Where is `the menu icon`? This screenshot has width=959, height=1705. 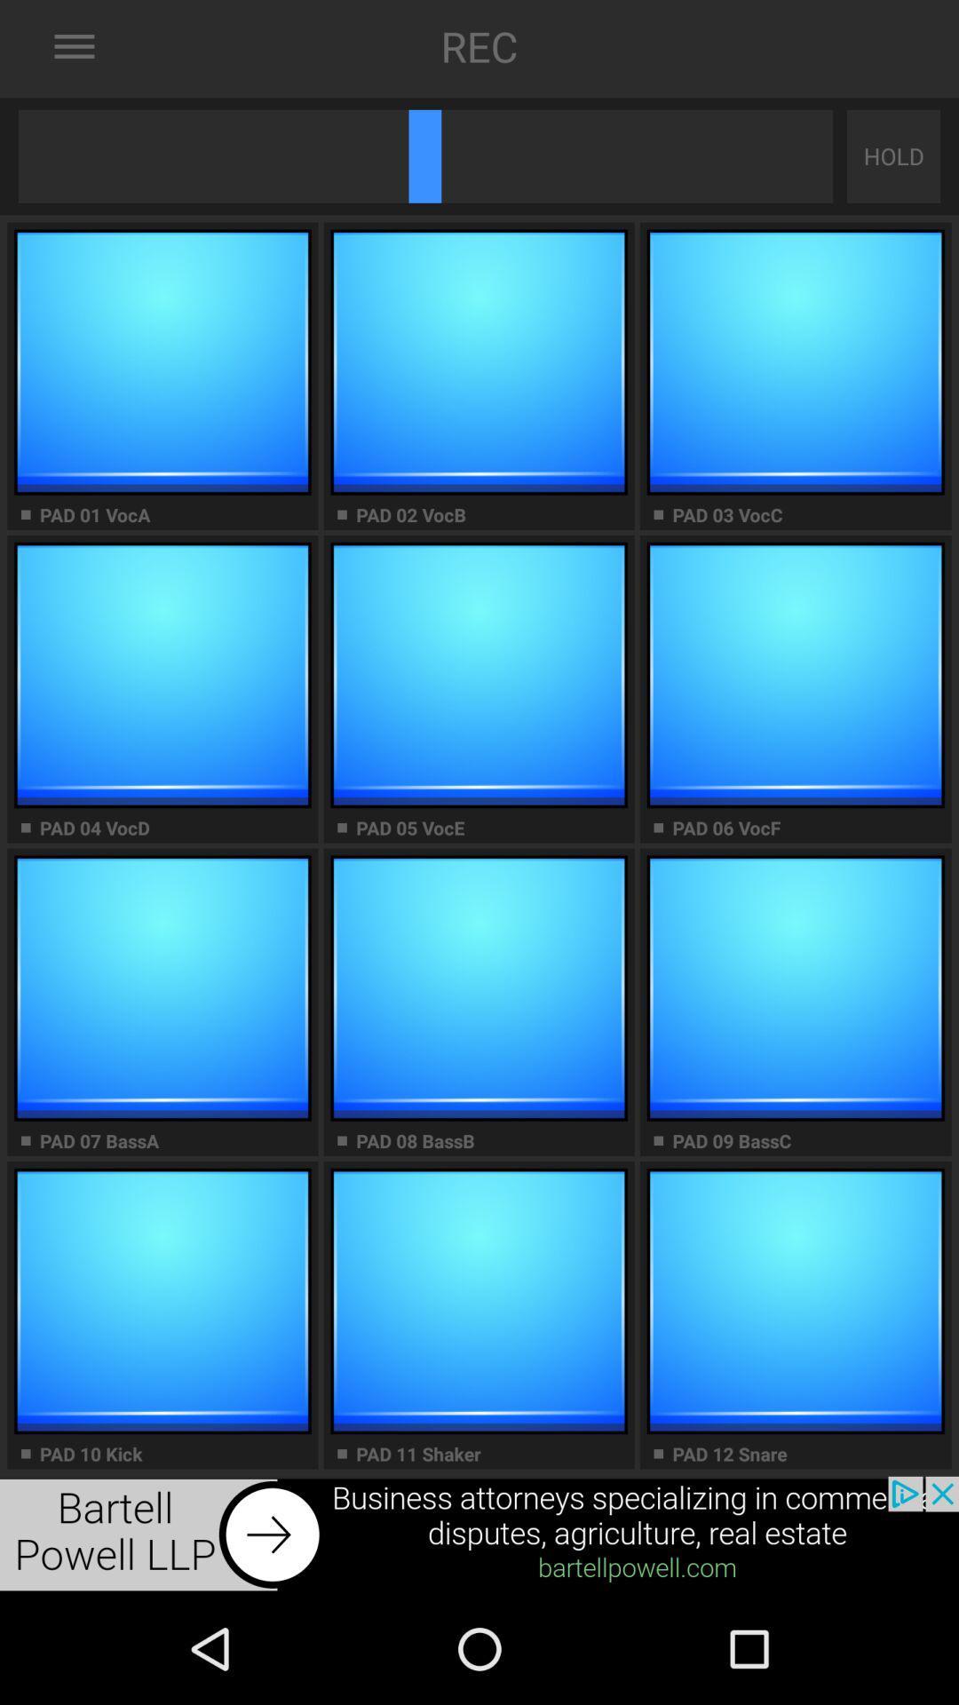 the menu icon is located at coordinates (74, 50).